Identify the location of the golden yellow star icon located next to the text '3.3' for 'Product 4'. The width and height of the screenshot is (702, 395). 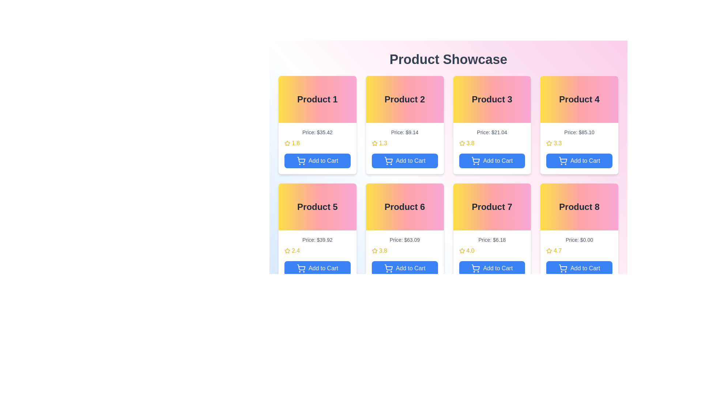
(549, 143).